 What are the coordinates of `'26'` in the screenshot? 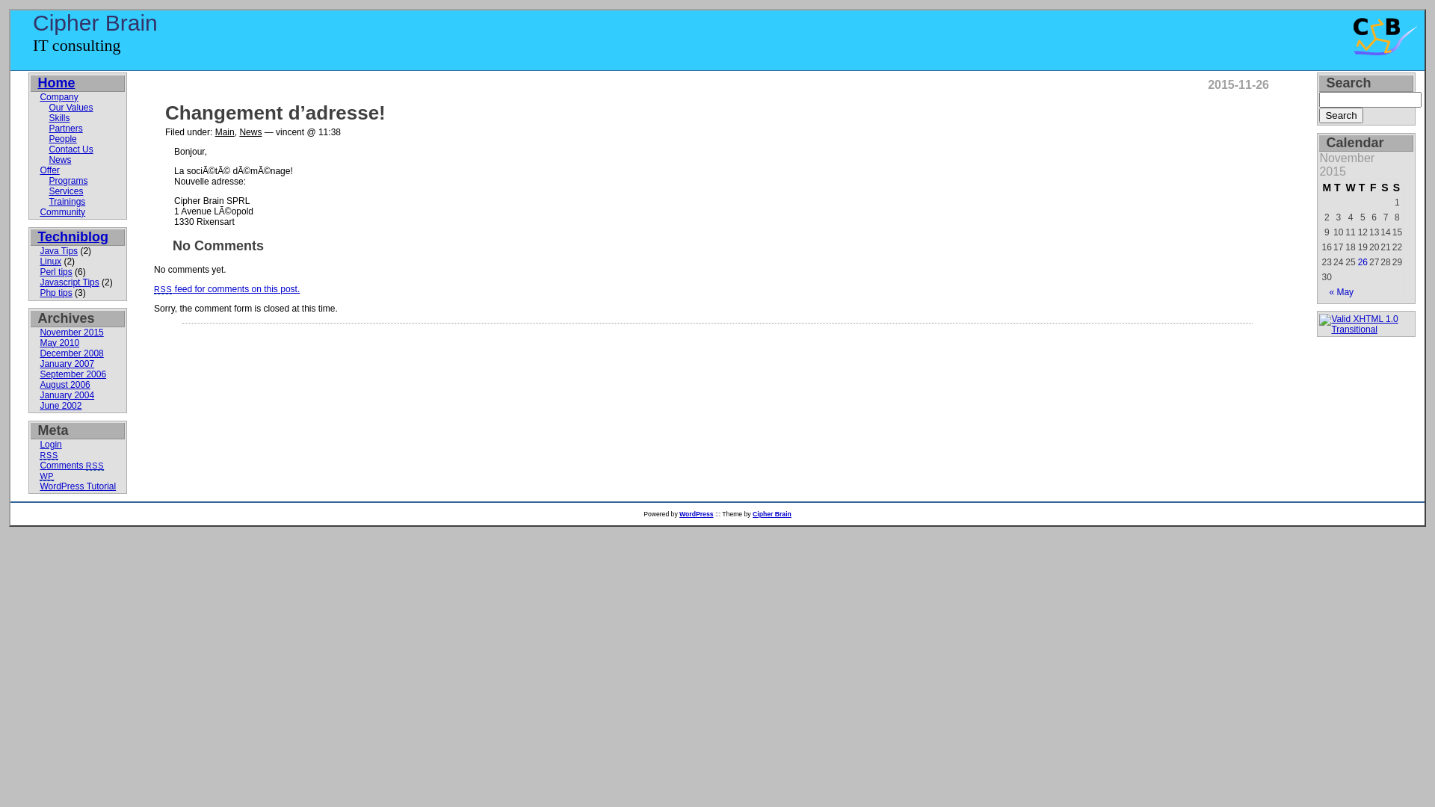 It's located at (1358, 262).